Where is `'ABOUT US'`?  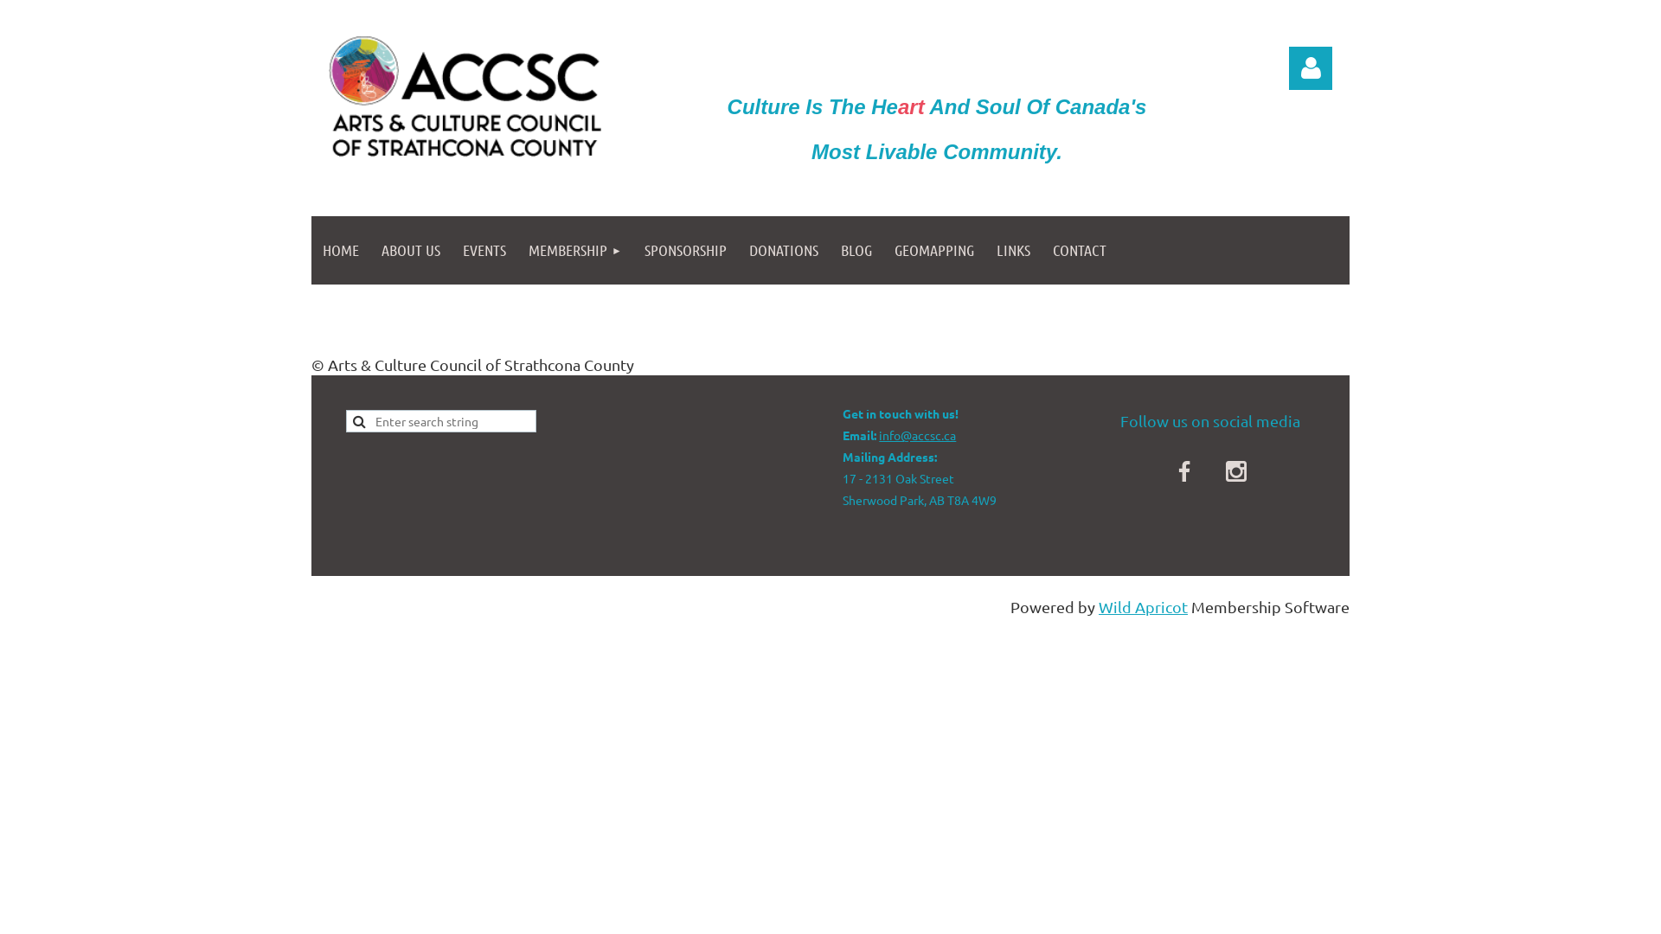
'ABOUT US' is located at coordinates (410, 250).